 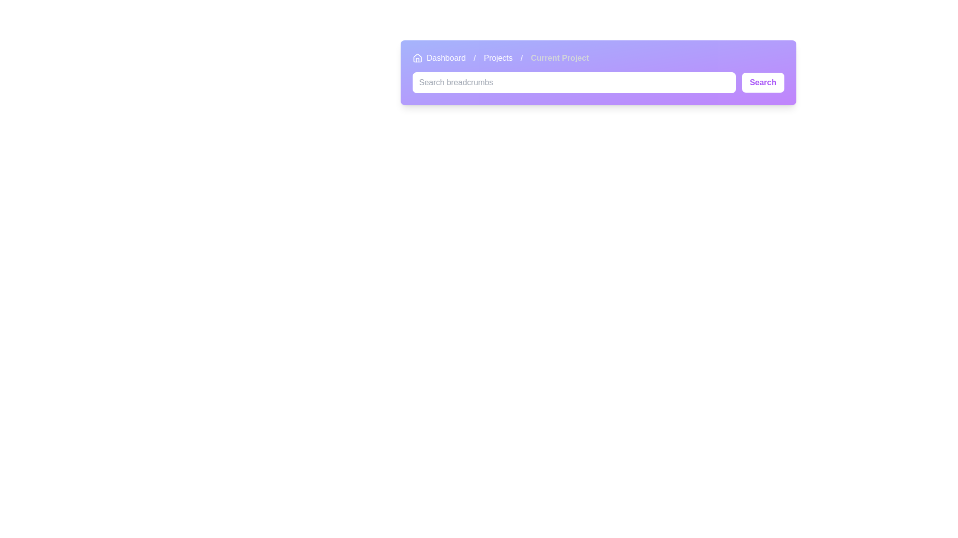 I want to click on the 'Projects' link in the Breadcrumb navigation widget, so click(x=500, y=58).